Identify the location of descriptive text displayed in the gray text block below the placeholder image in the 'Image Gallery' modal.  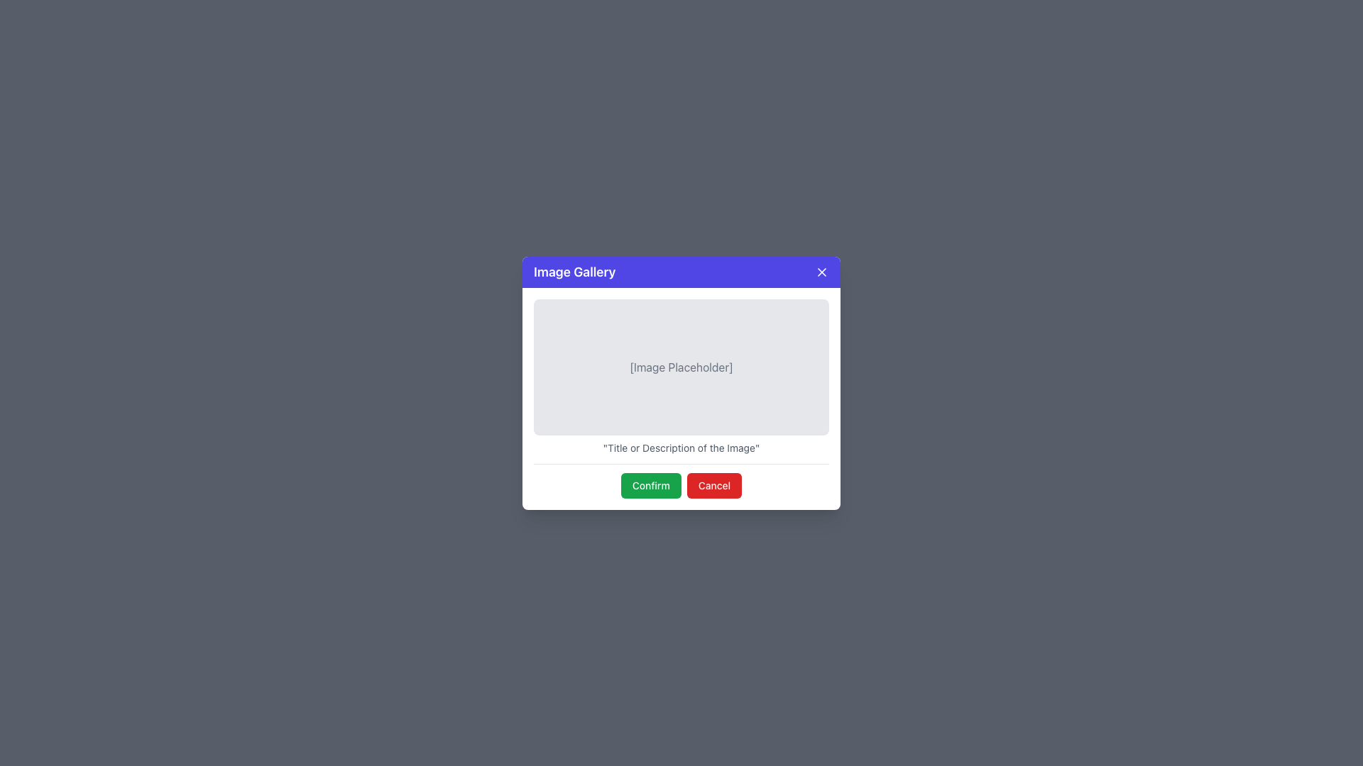
(681, 448).